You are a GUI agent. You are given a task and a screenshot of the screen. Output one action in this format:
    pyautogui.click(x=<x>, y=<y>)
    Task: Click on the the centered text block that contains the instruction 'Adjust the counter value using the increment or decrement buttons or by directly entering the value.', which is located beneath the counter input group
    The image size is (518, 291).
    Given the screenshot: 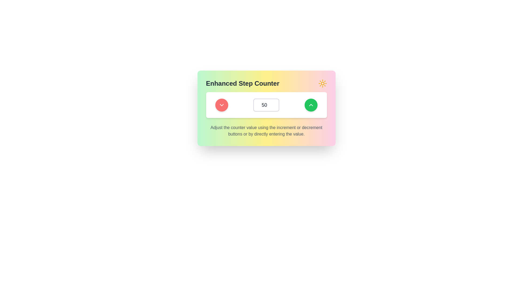 What is the action you would take?
    pyautogui.click(x=266, y=131)
    